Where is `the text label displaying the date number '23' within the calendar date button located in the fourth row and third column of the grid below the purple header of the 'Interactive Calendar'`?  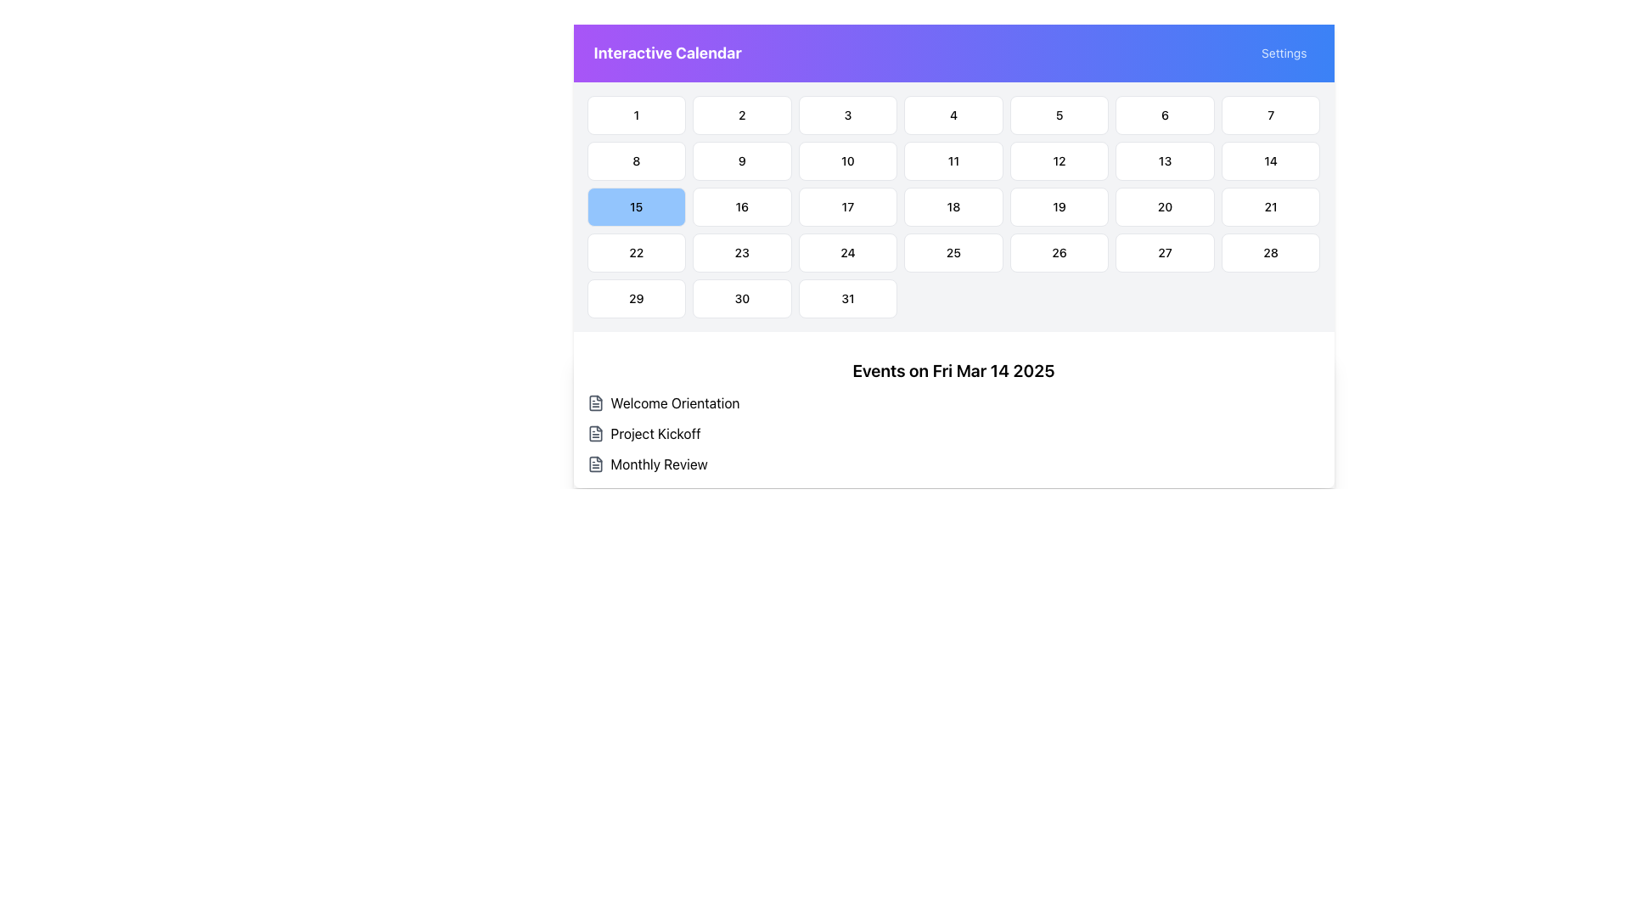 the text label displaying the date number '23' within the calendar date button located in the fourth row and third column of the grid below the purple header of the 'Interactive Calendar' is located at coordinates (742, 252).